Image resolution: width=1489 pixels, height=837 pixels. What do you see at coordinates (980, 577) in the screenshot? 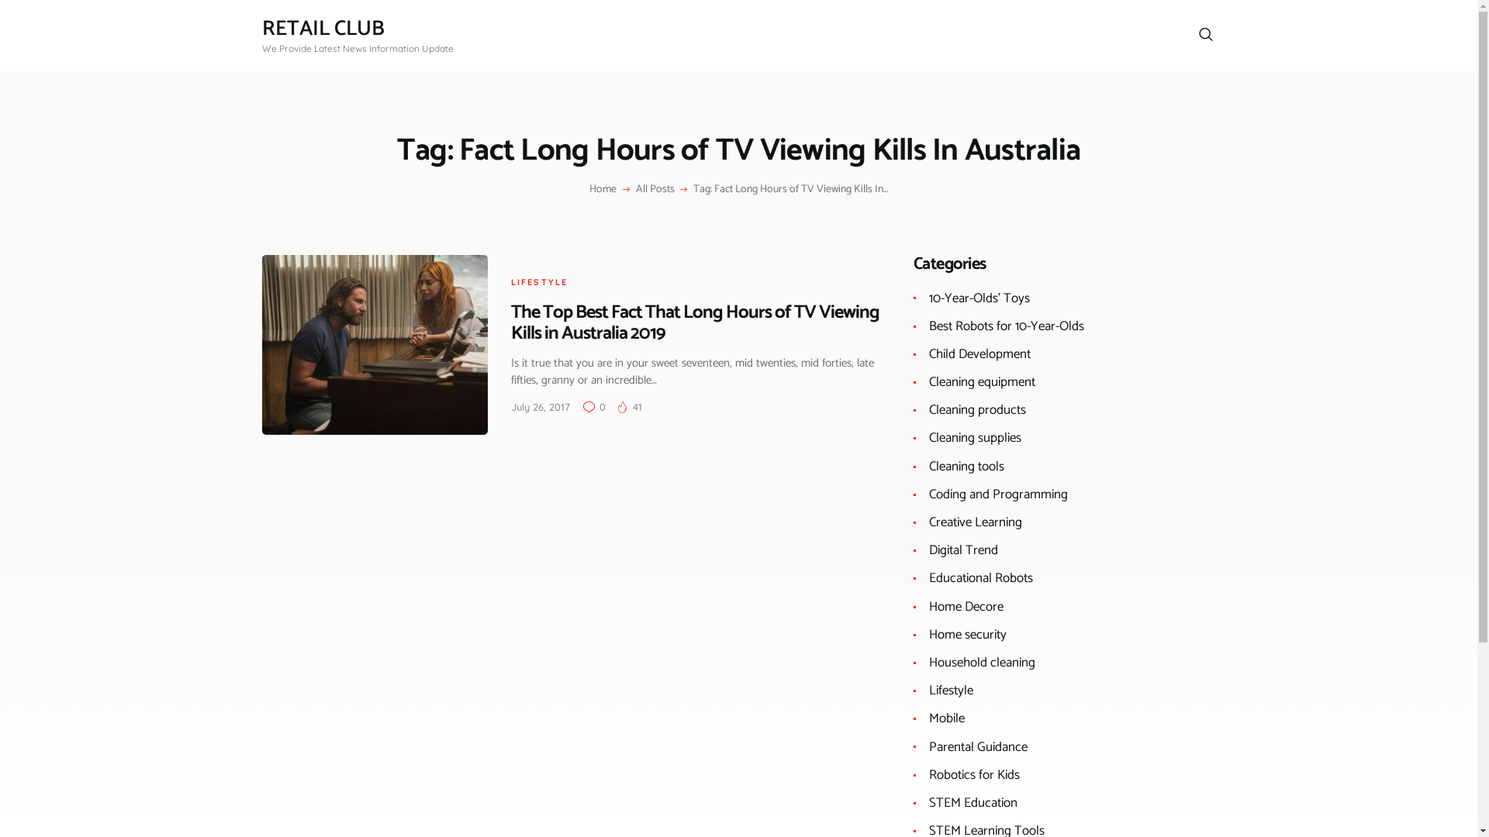
I see `'Educational Robots'` at bounding box center [980, 577].